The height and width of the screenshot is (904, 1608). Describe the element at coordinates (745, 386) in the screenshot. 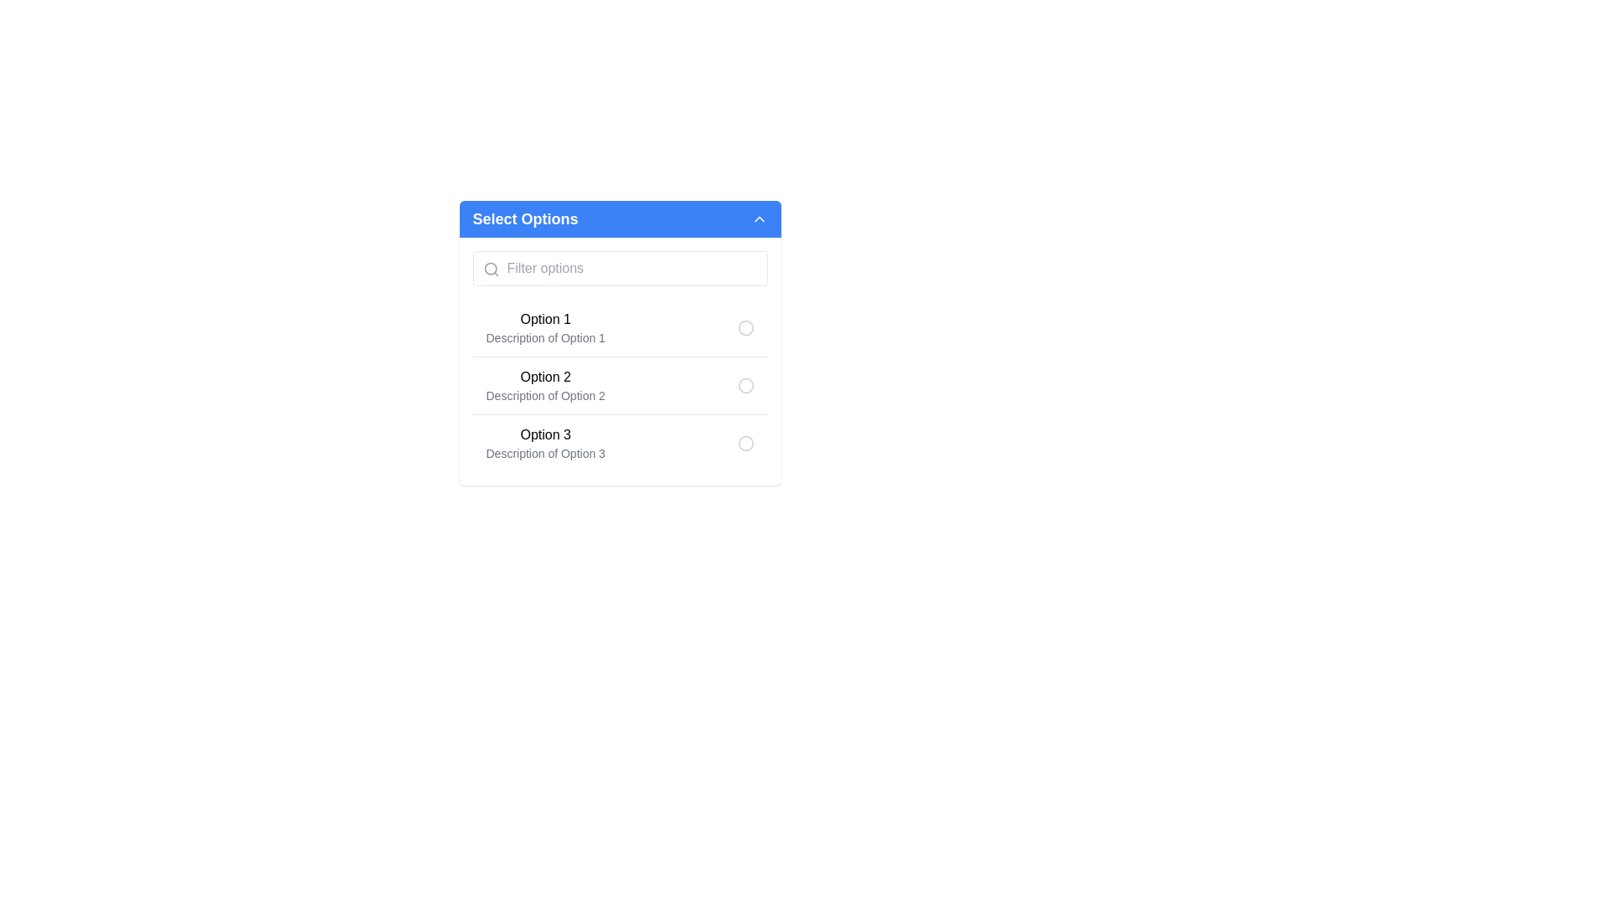

I see `the circular icon styled with a faint gray color located to the right of 'Option 2' in the dropdown menu` at that location.